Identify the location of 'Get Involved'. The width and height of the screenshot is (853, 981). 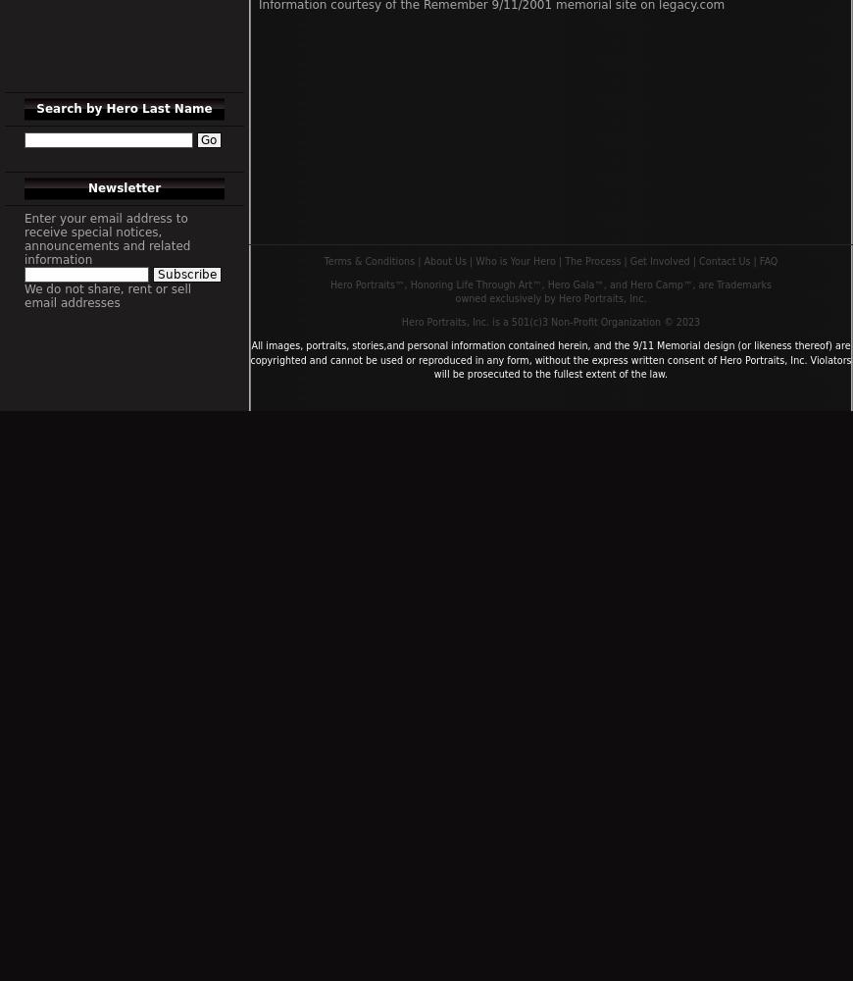
(659, 260).